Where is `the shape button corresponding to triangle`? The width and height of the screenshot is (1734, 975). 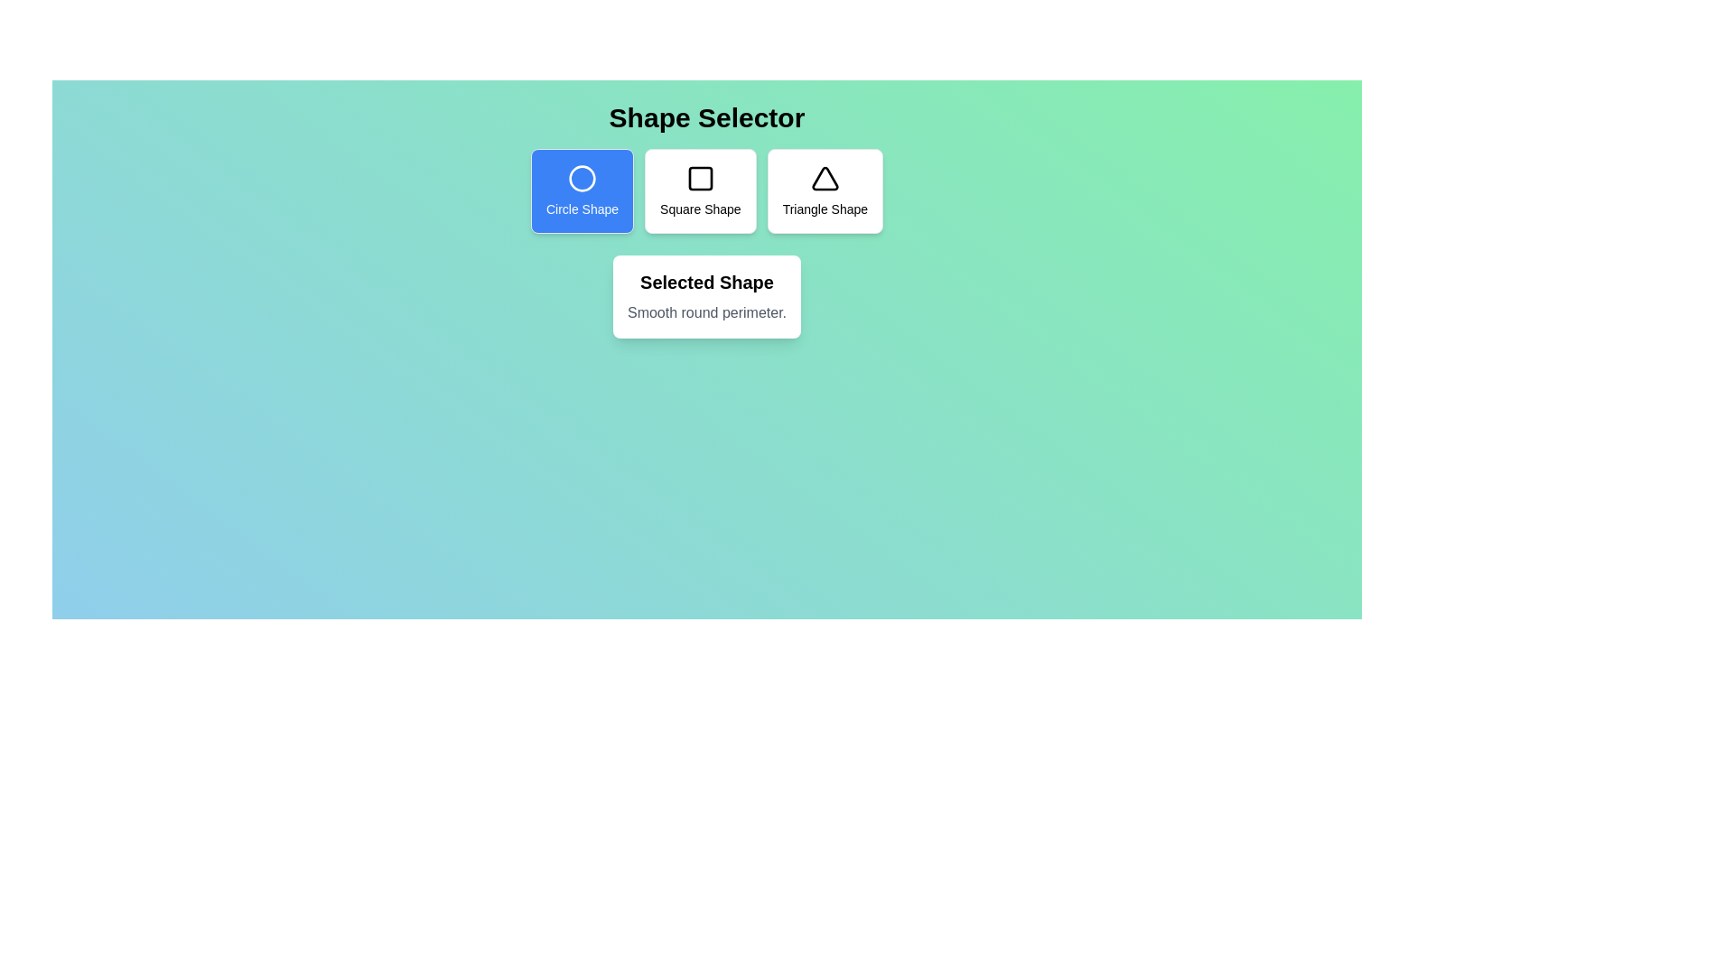
the shape button corresponding to triangle is located at coordinates (823, 191).